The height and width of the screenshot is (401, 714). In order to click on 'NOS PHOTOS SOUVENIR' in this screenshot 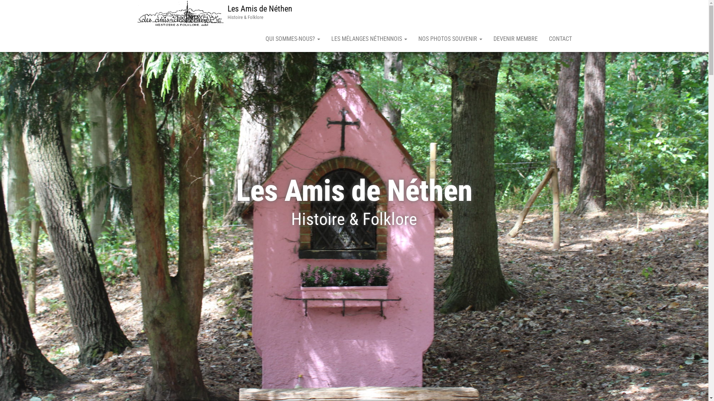, I will do `click(412, 39)`.